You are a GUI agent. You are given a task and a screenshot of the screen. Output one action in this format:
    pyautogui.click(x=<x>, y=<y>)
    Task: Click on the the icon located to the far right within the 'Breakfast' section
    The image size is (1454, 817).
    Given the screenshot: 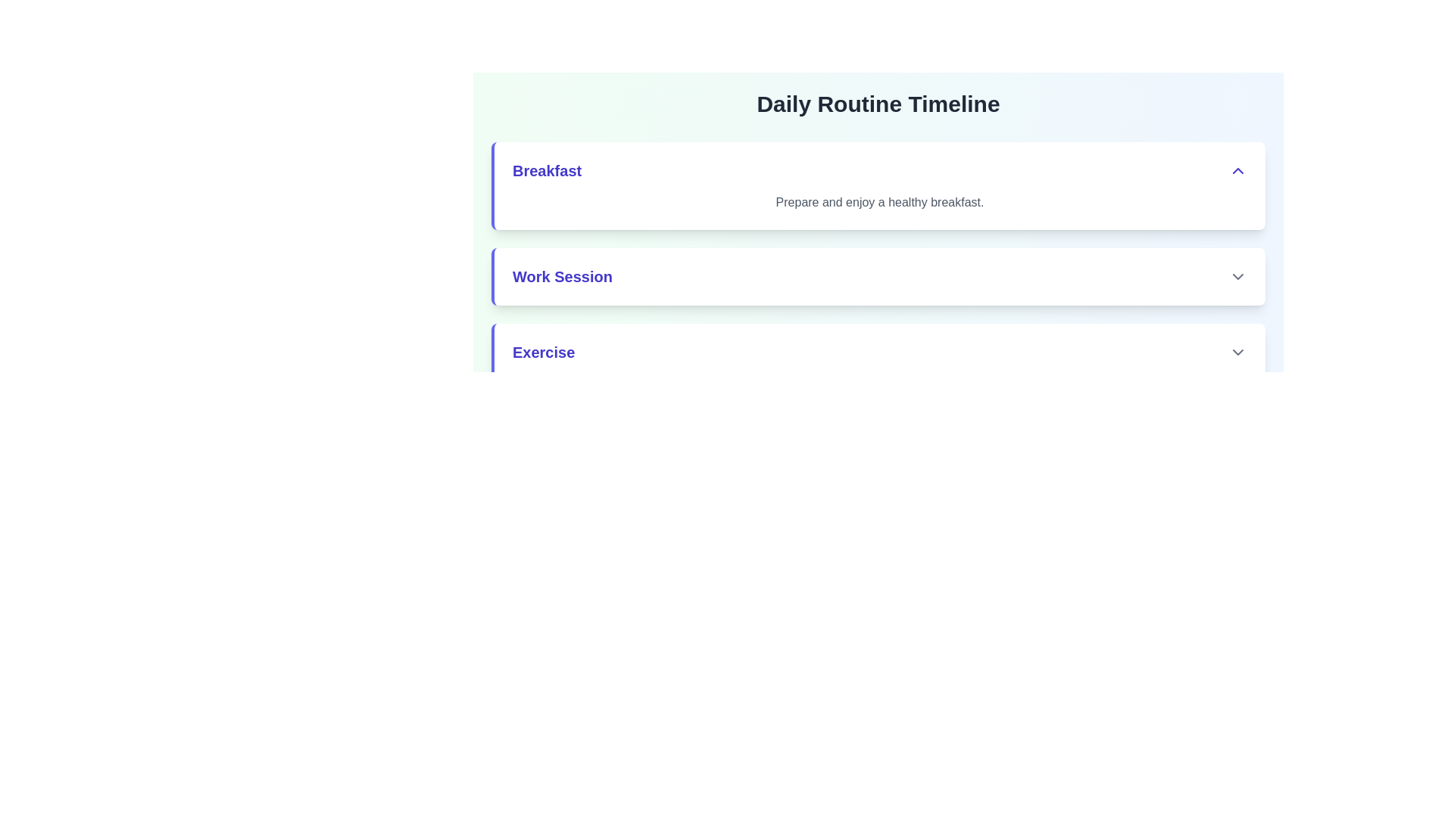 What is the action you would take?
    pyautogui.click(x=1238, y=170)
    